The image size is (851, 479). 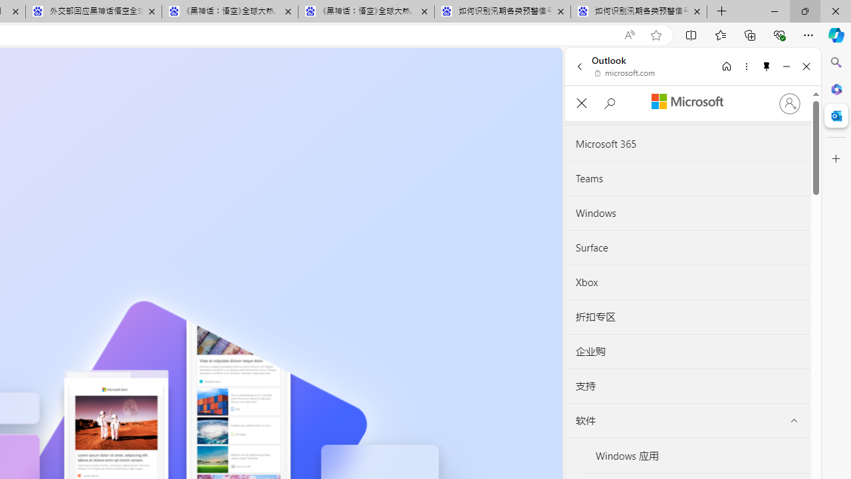 I want to click on 'Close All Microsoft list', so click(x=581, y=102).